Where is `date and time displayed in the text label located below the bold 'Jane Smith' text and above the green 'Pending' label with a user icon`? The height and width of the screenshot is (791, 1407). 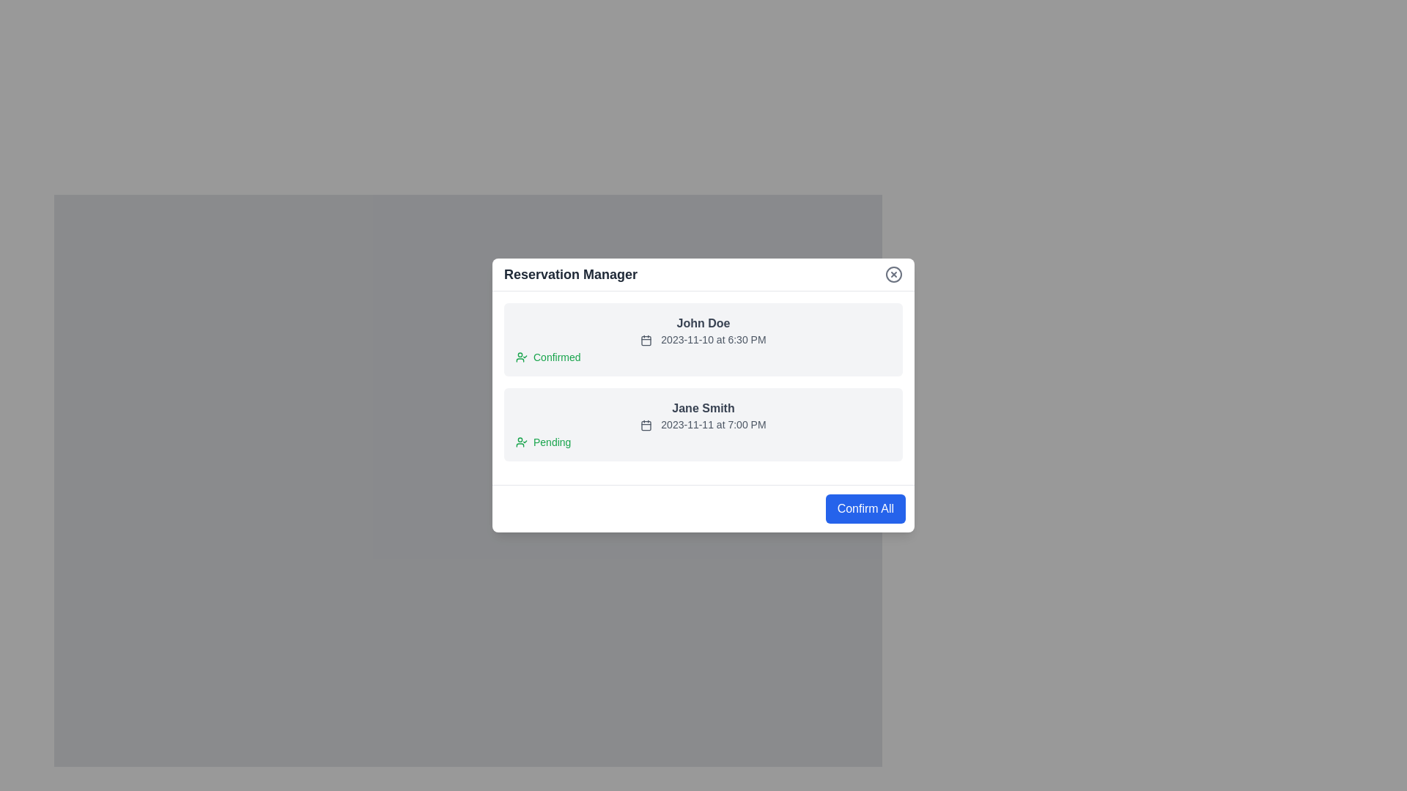
date and time displayed in the text label located below the bold 'Jane Smith' text and above the green 'Pending' label with a user icon is located at coordinates (703, 424).